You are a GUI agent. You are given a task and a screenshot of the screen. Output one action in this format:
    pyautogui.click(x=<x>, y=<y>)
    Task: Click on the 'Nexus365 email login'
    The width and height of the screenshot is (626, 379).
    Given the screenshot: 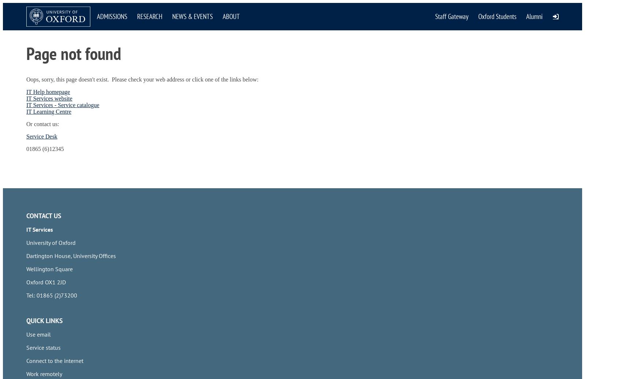 What is the action you would take?
    pyautogui.click(x=26, y=191)
    